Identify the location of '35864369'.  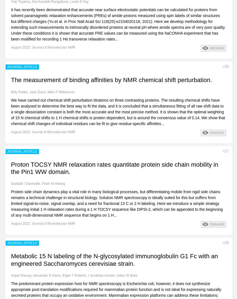
(216, 224).